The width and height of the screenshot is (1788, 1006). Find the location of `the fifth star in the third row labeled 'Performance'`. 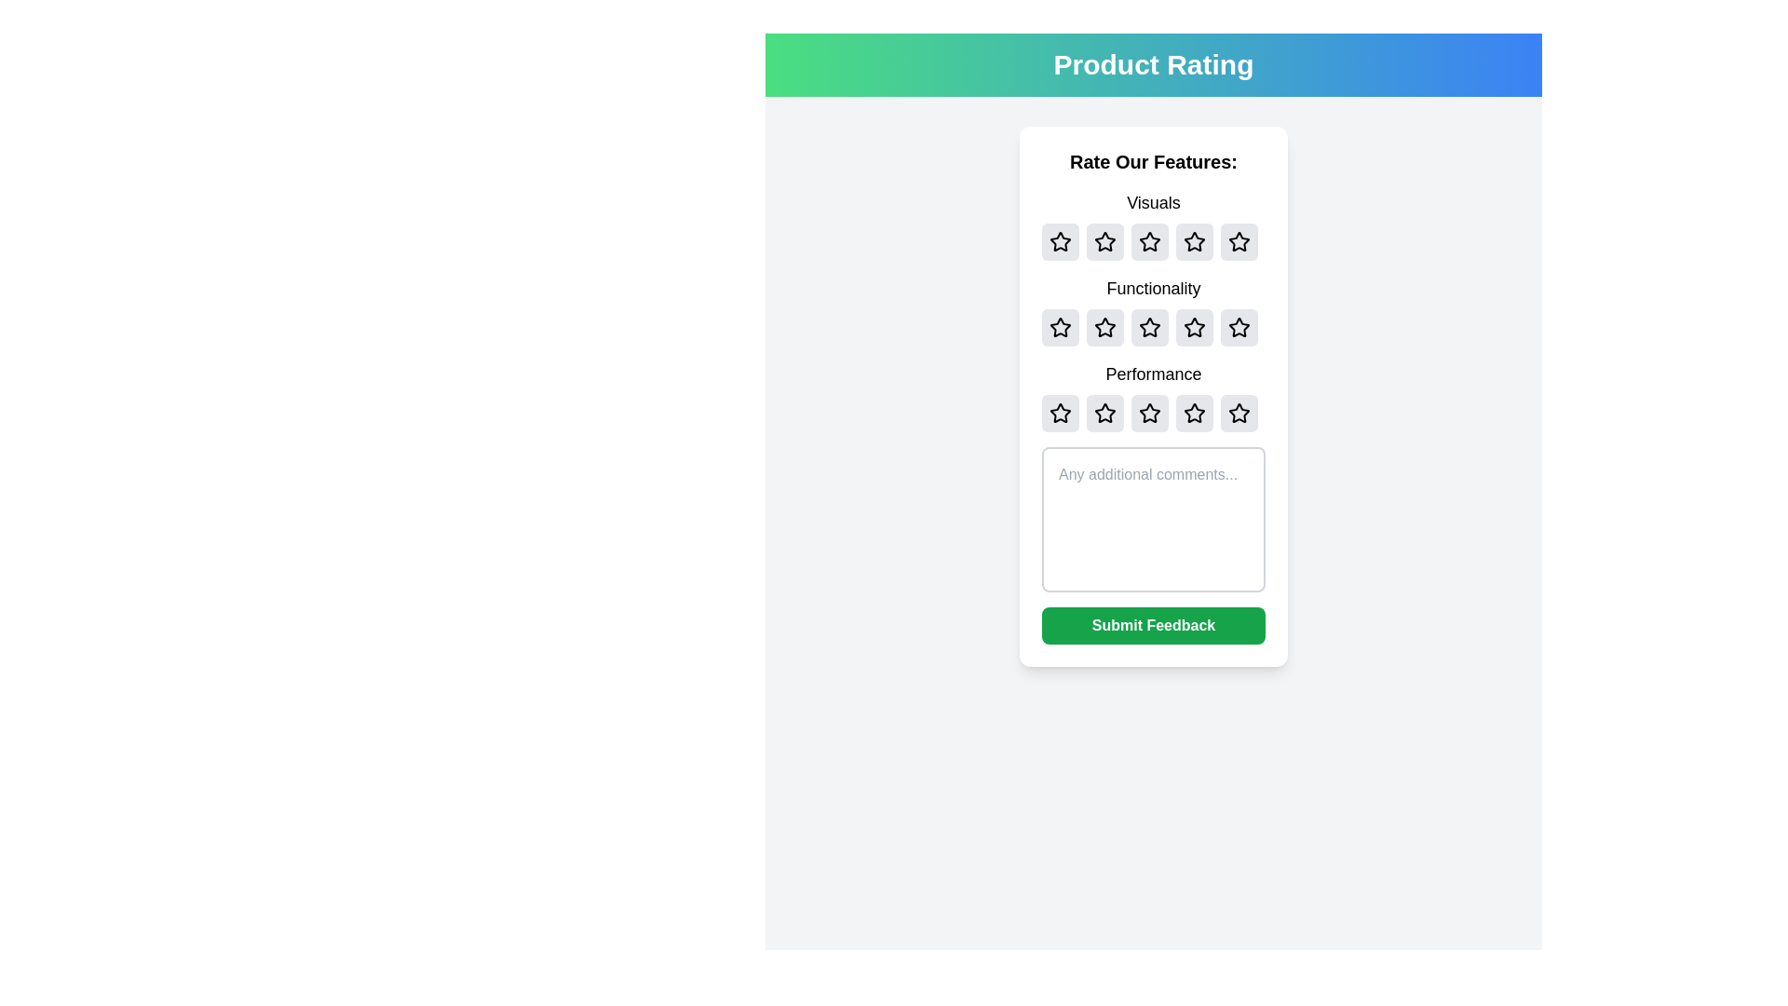

the fifth star in the third row labeled 'Performance' is located at coordinates (1238, 412).